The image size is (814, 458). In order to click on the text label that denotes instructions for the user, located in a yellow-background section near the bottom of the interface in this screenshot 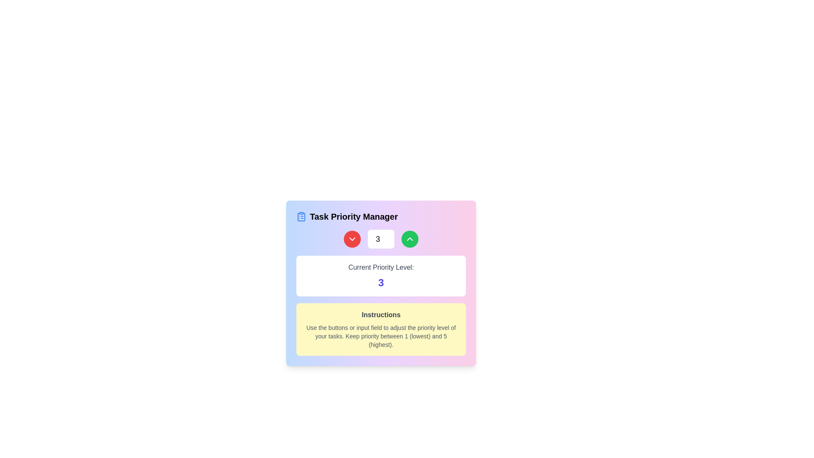, I will do `click(380, 315)`.